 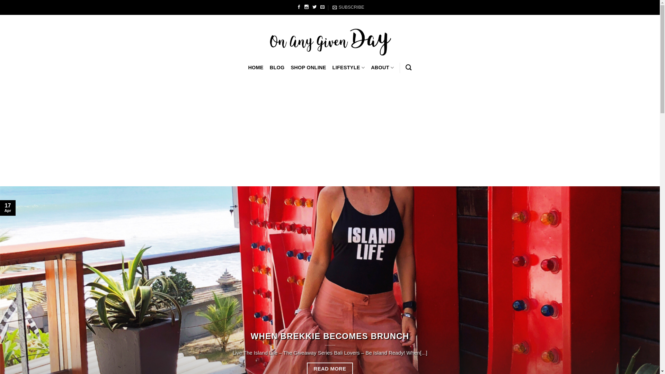 What do you see at coordinates (349, 68) in the screenshot?
I see `'LIFESTYLE'` at bounding box center [349, 68].